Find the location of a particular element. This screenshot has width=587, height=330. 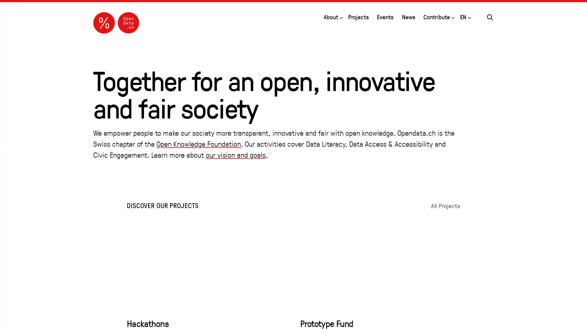

Open is located at coordinates (469, 16).